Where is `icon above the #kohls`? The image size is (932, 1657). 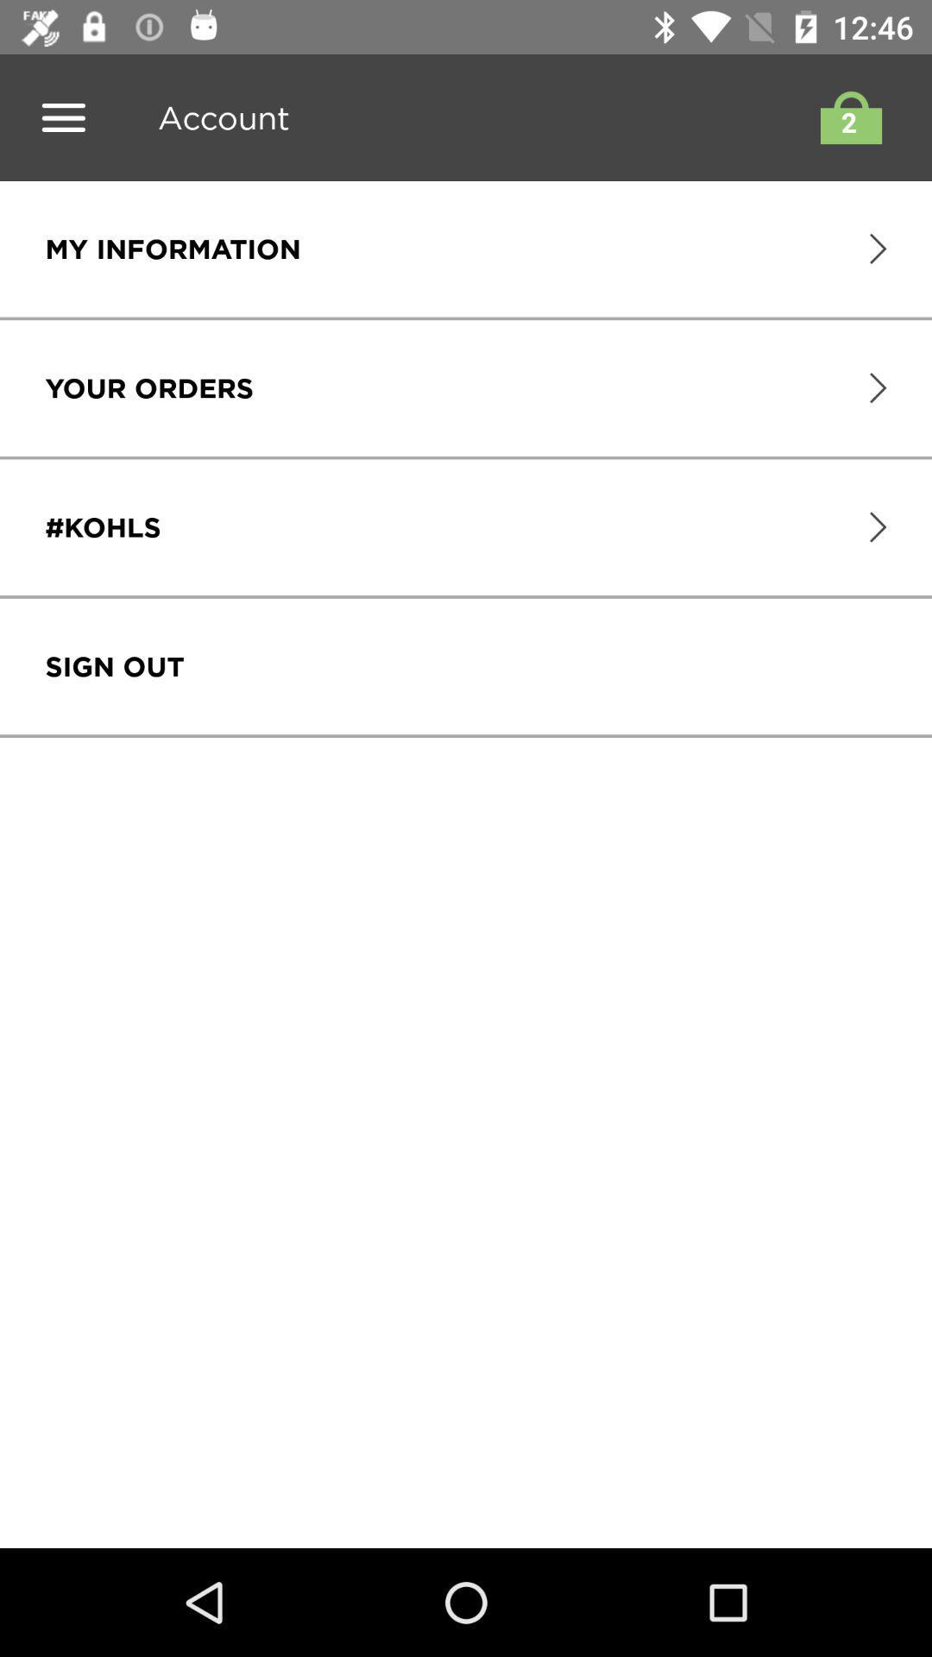
icon above the #kohls is located at coordinates (148, 387).